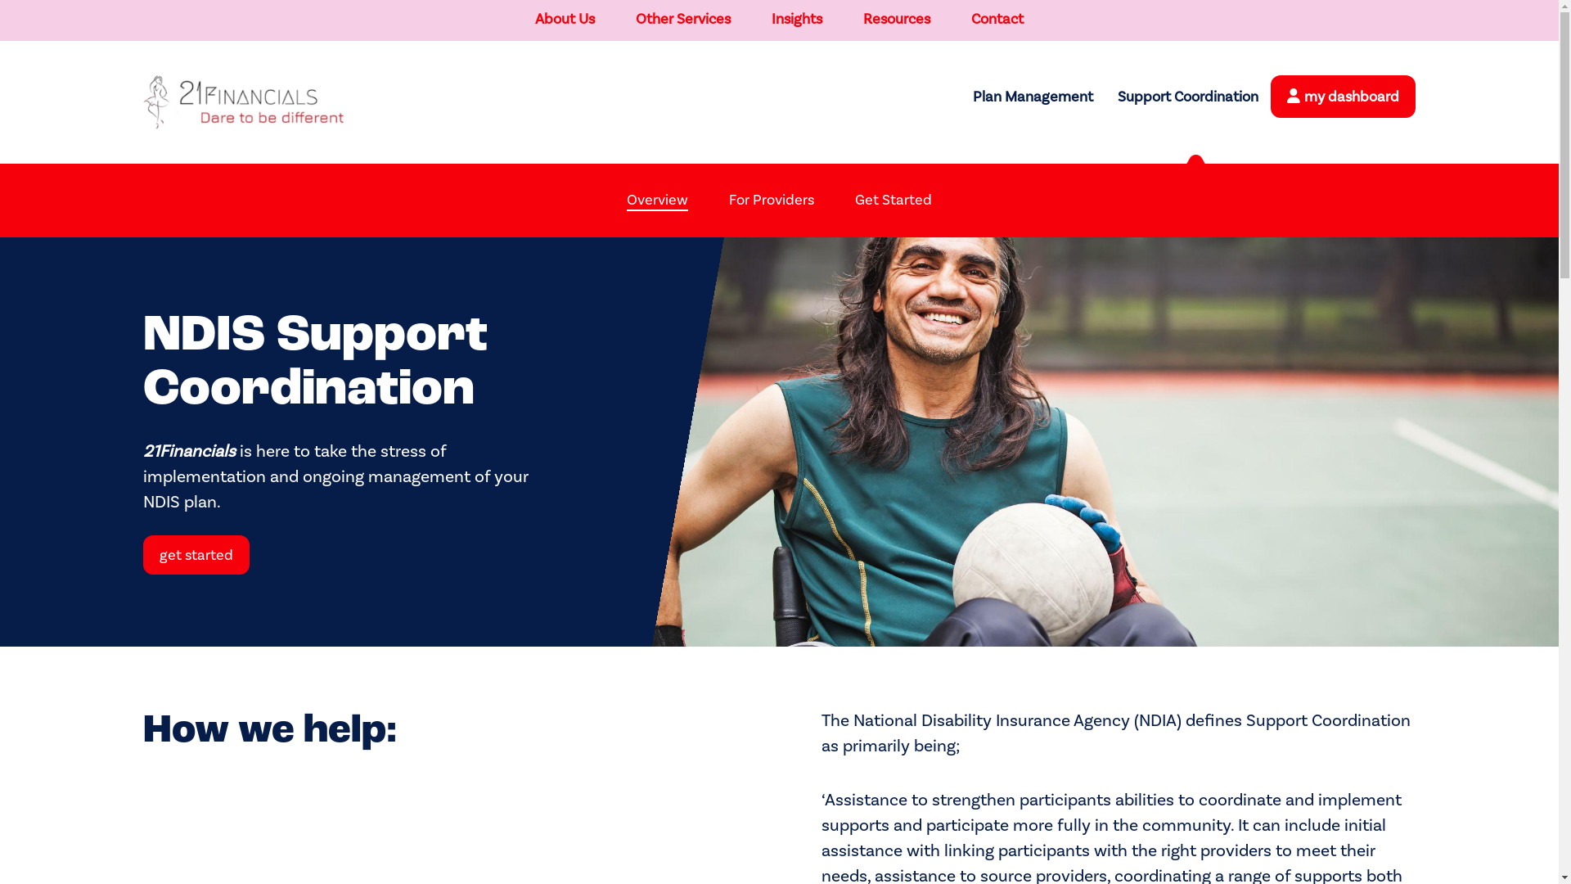 The image size is (1571, 884). I want to click on 'Overview', so click(657, 200).